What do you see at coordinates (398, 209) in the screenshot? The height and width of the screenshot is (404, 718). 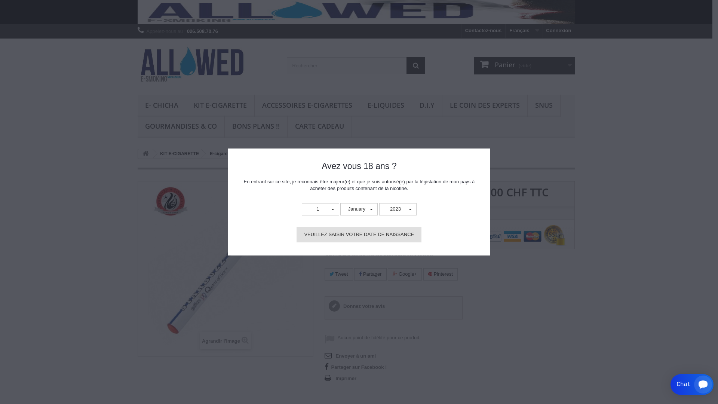 I see `'2023` at bounding box center [398, 209].